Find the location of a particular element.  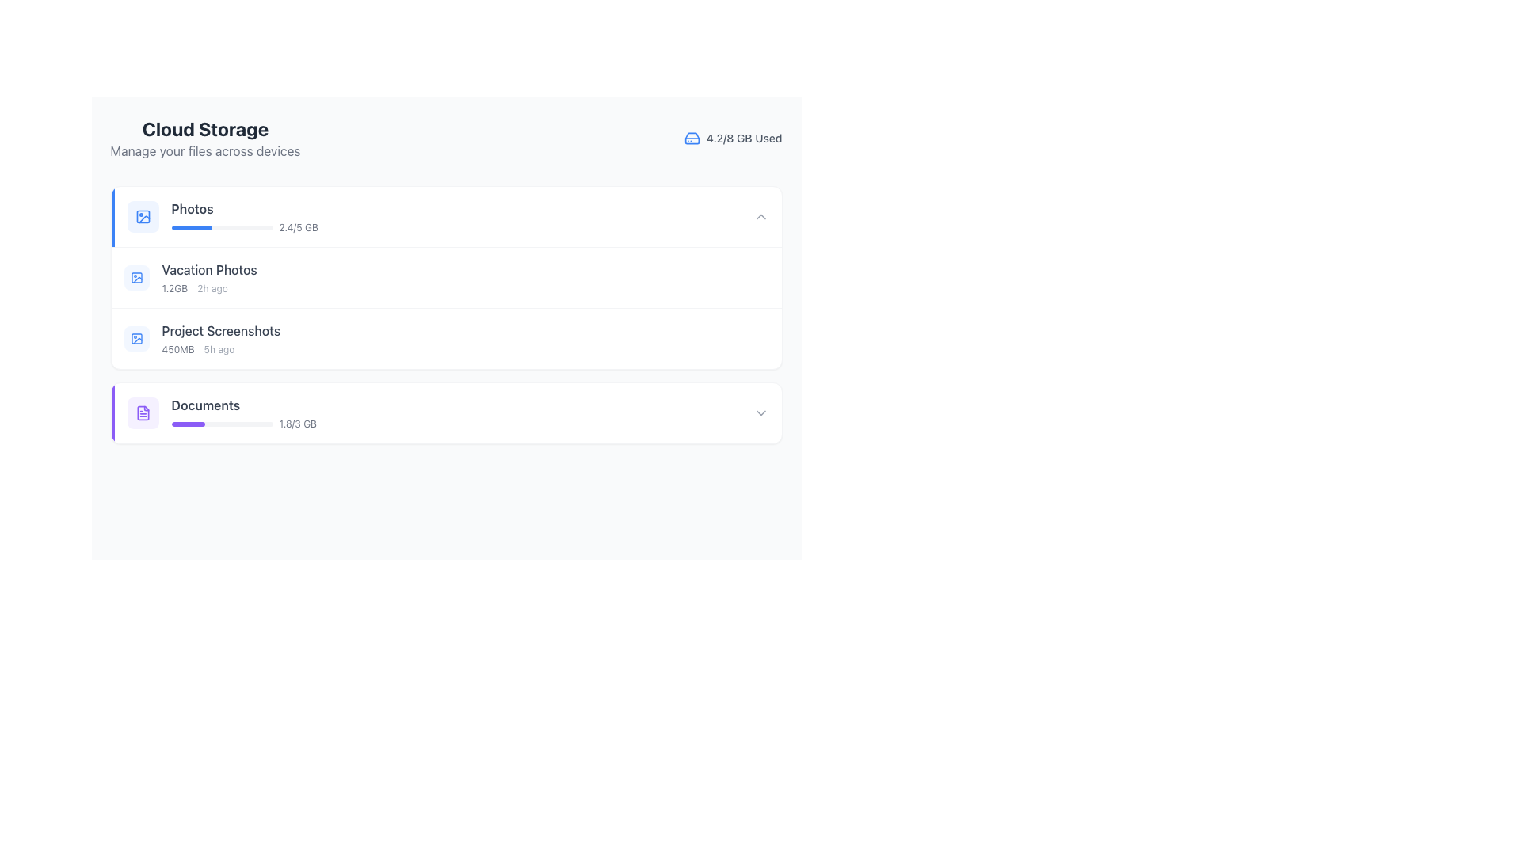

to select the interactive list item representing a specific folder or file in the cloud storage interface, which is the third item in the vertical list located between 'Vacation Photos' and 'Documents' is located at coordinates (200, 338).